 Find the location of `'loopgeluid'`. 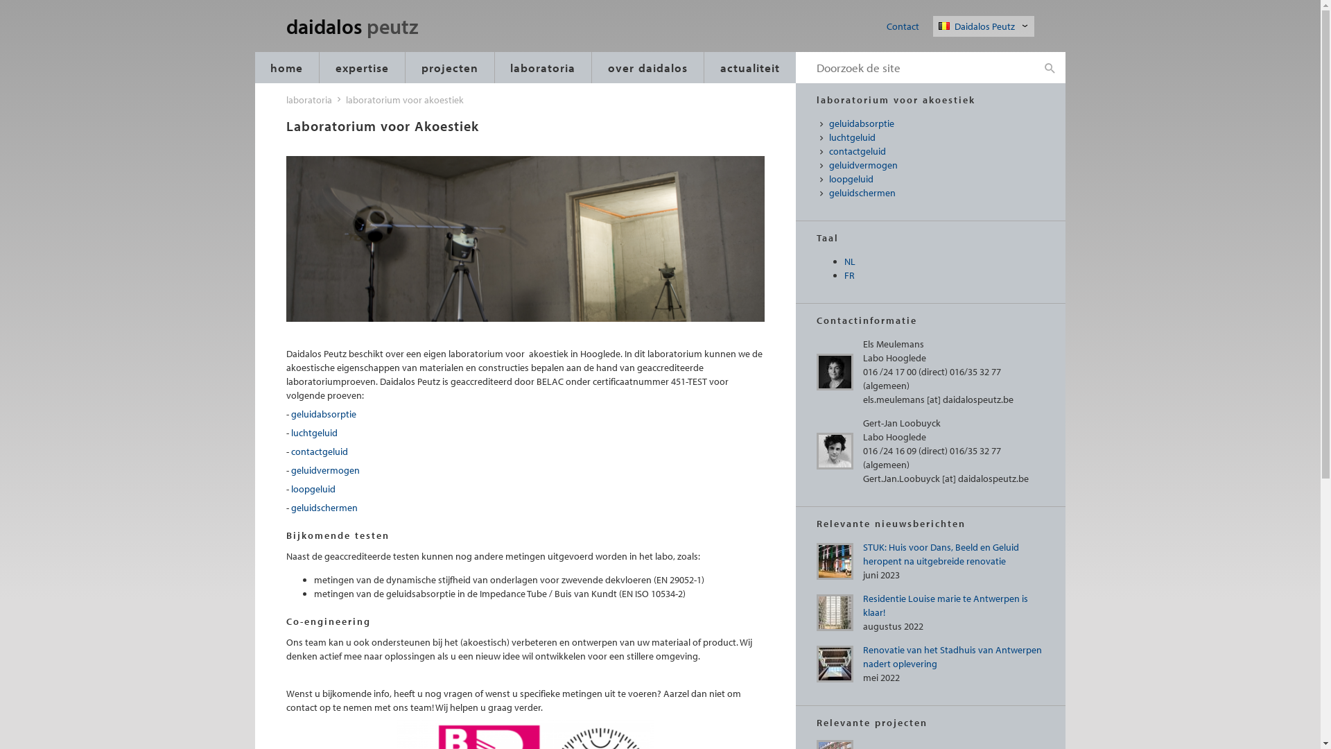

'loopgeluid' is located at coordinates (937, 178).